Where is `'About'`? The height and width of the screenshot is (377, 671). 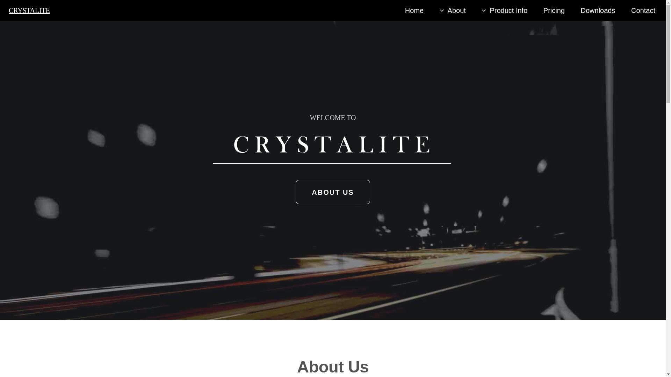
'About' is located at coordinates (453, 10).